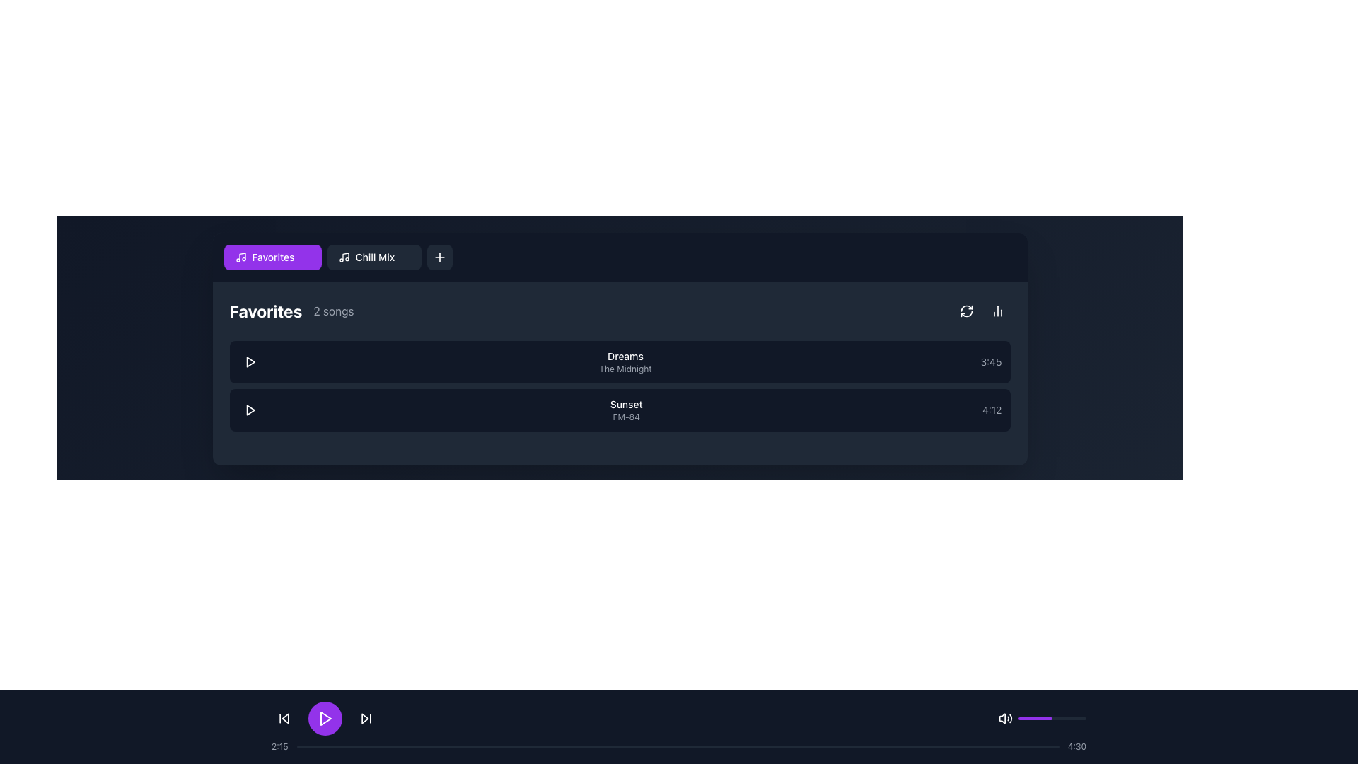 Image resolution: width=1358 pixels, height=764 pixels. What do you see at coordinates (679, 727) in the screenshot?
I see `the progress bar for audio playback located at the bottom of the interface to seek to a different point in the track` at bounding box center [679, 727].